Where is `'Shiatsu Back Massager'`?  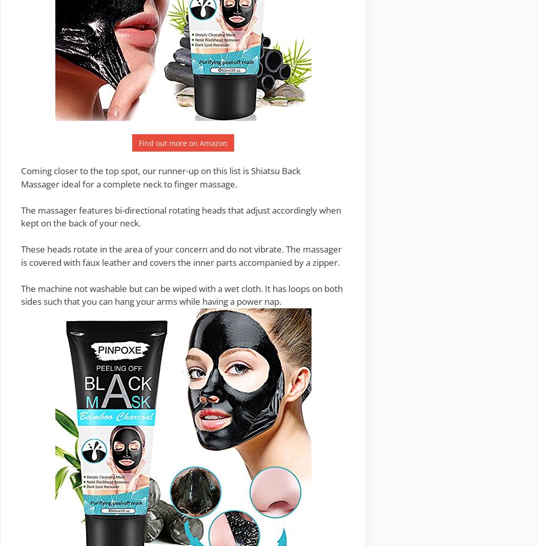 'Shiatsu Back Massager' is located at coordinates (160, 177).